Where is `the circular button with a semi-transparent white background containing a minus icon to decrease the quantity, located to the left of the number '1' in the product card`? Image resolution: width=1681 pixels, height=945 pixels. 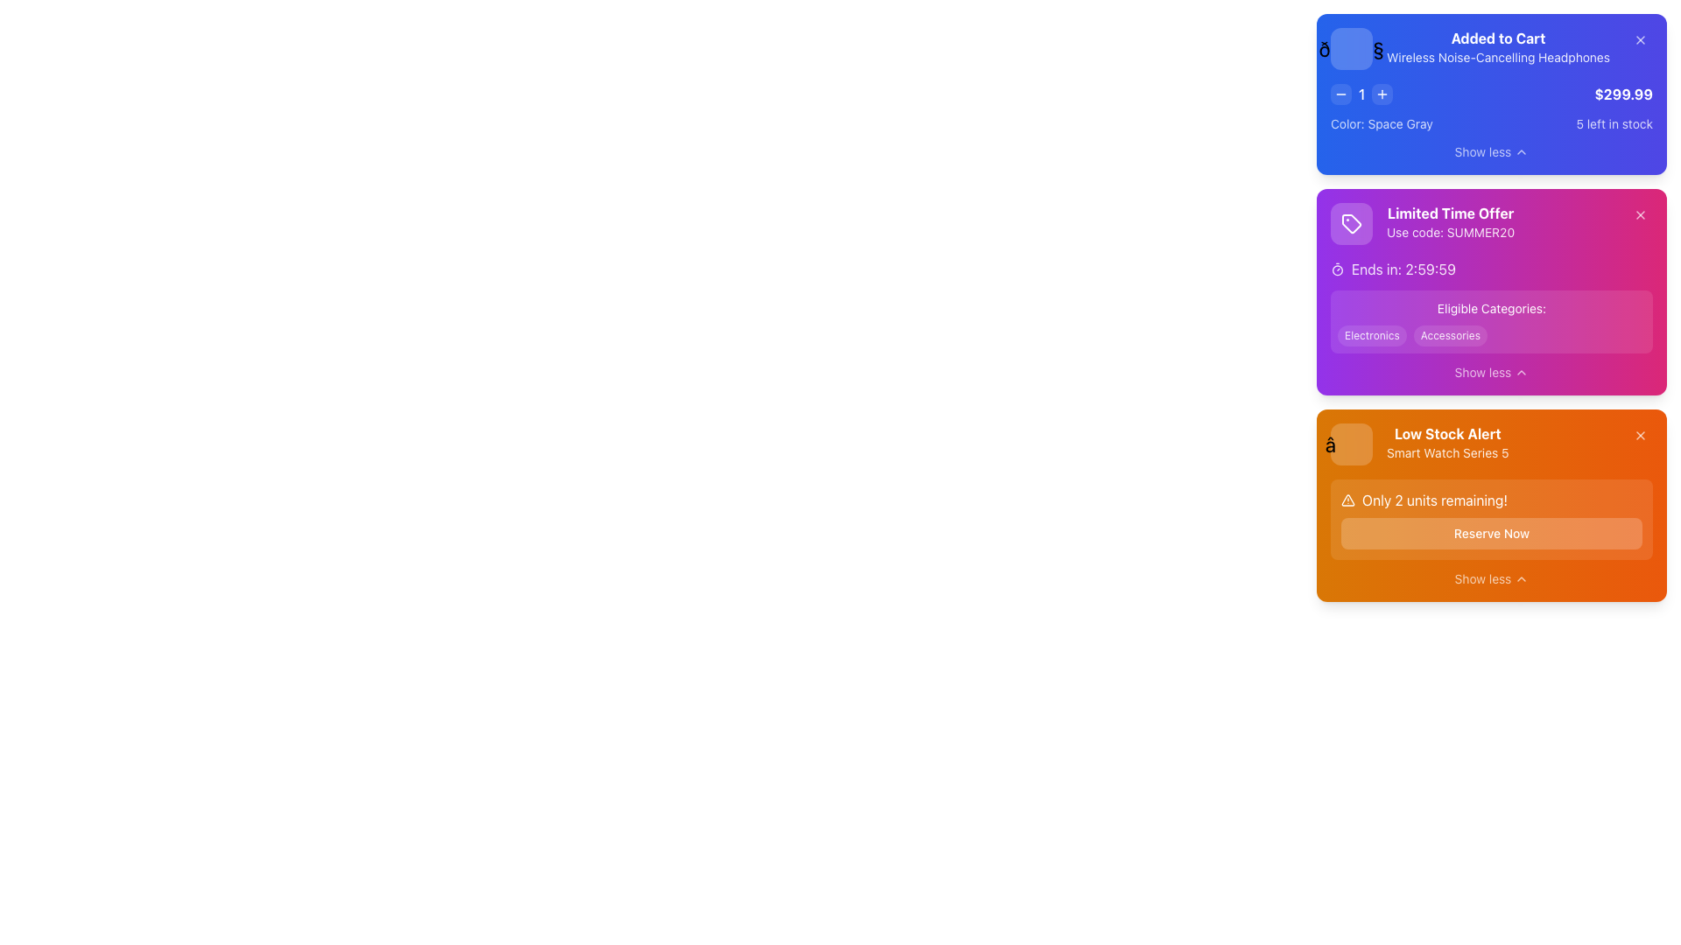 the circular button with a semi-transparent white background containing a minus icon to decrease the quantity, located to the left of the number '1' in the product card is located at coordinates (1340, 94).